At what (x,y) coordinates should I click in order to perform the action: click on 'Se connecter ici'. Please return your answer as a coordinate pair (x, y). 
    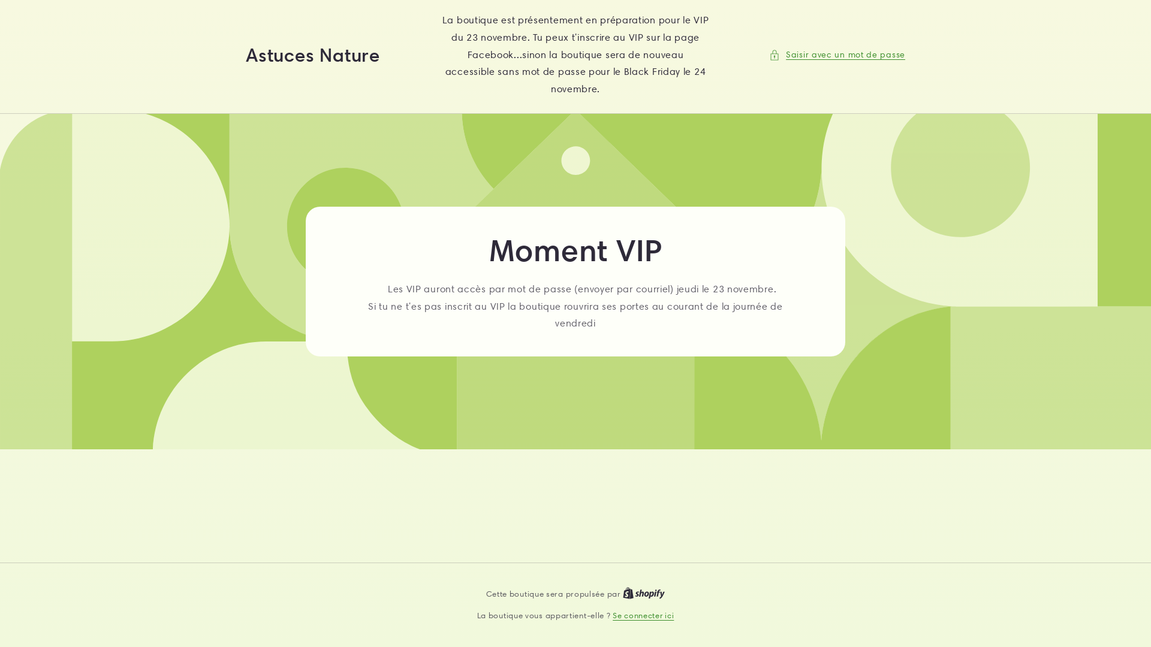
    Looking at the image, I should click on (643, 616).